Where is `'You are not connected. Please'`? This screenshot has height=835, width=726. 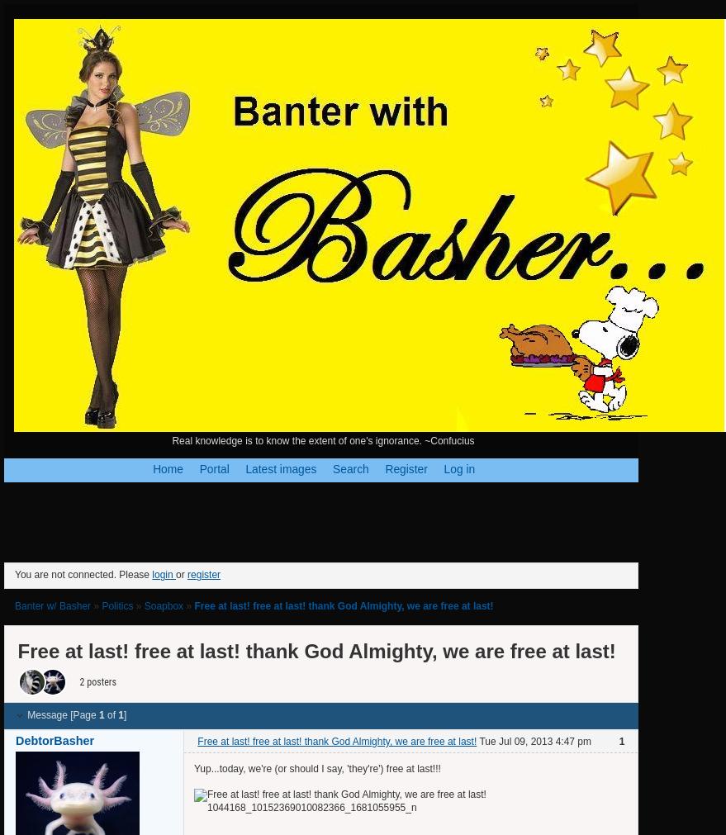
'You are not connected. Please' is located at coordinates (82, 573).